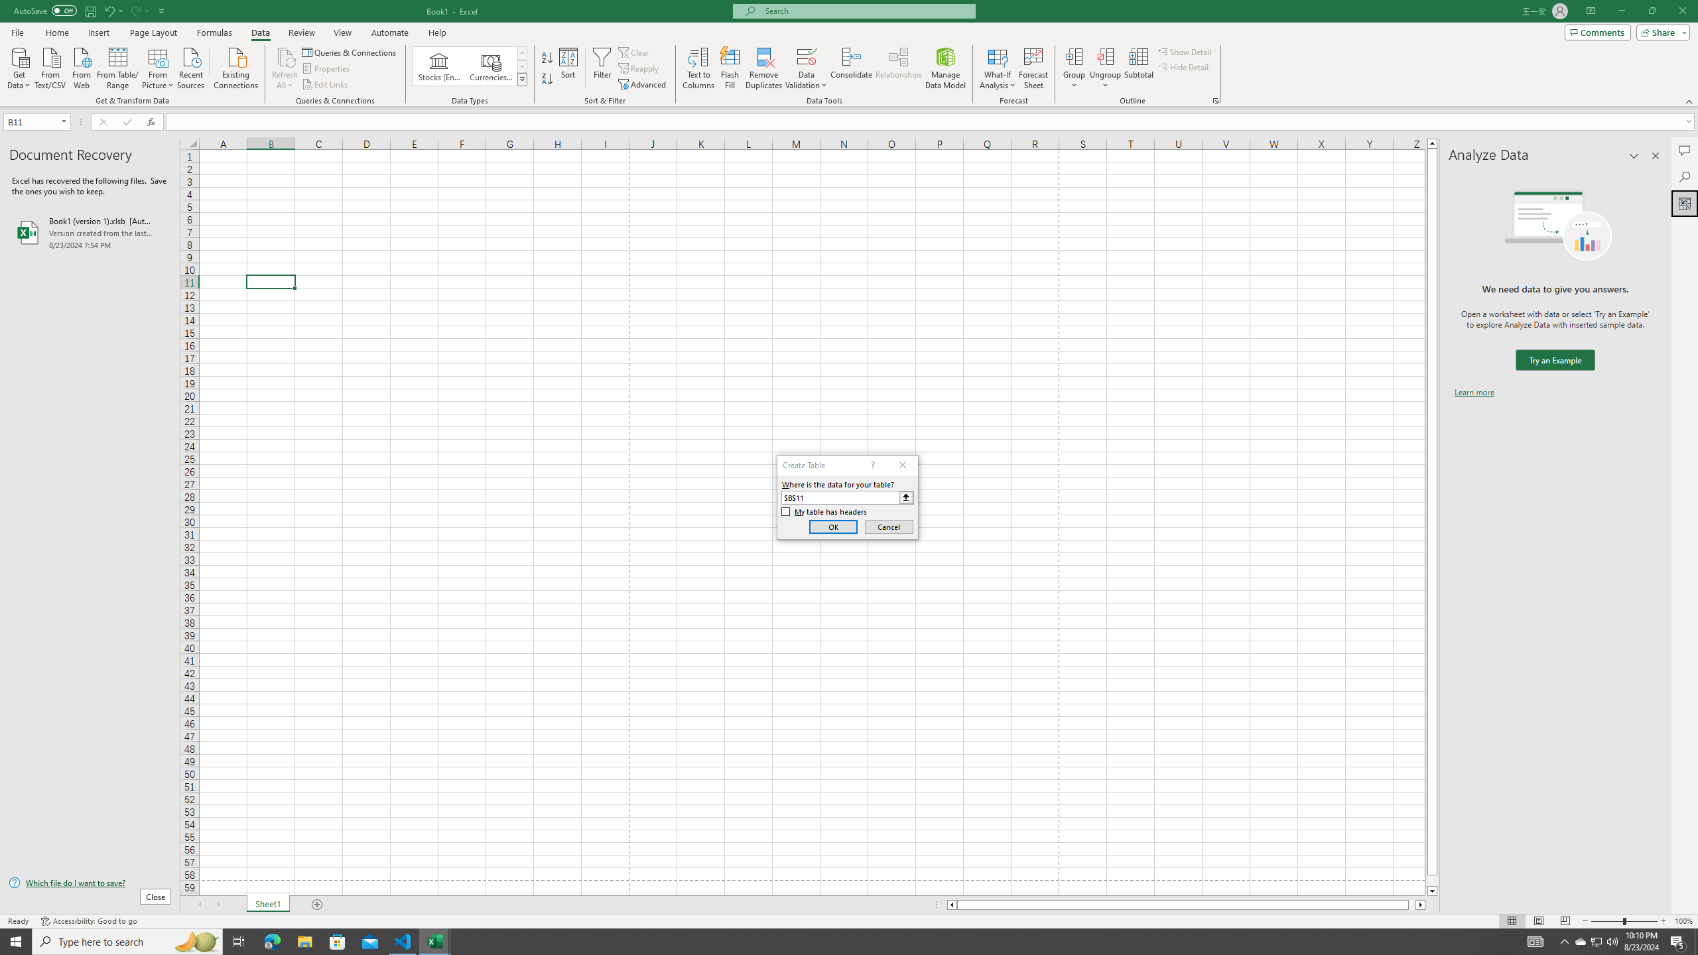 The image size is (1698, 955). What do you see at coordinates (327, 68) in the screenshot?
I see `'Properties'` at bounding box center [327, 68].